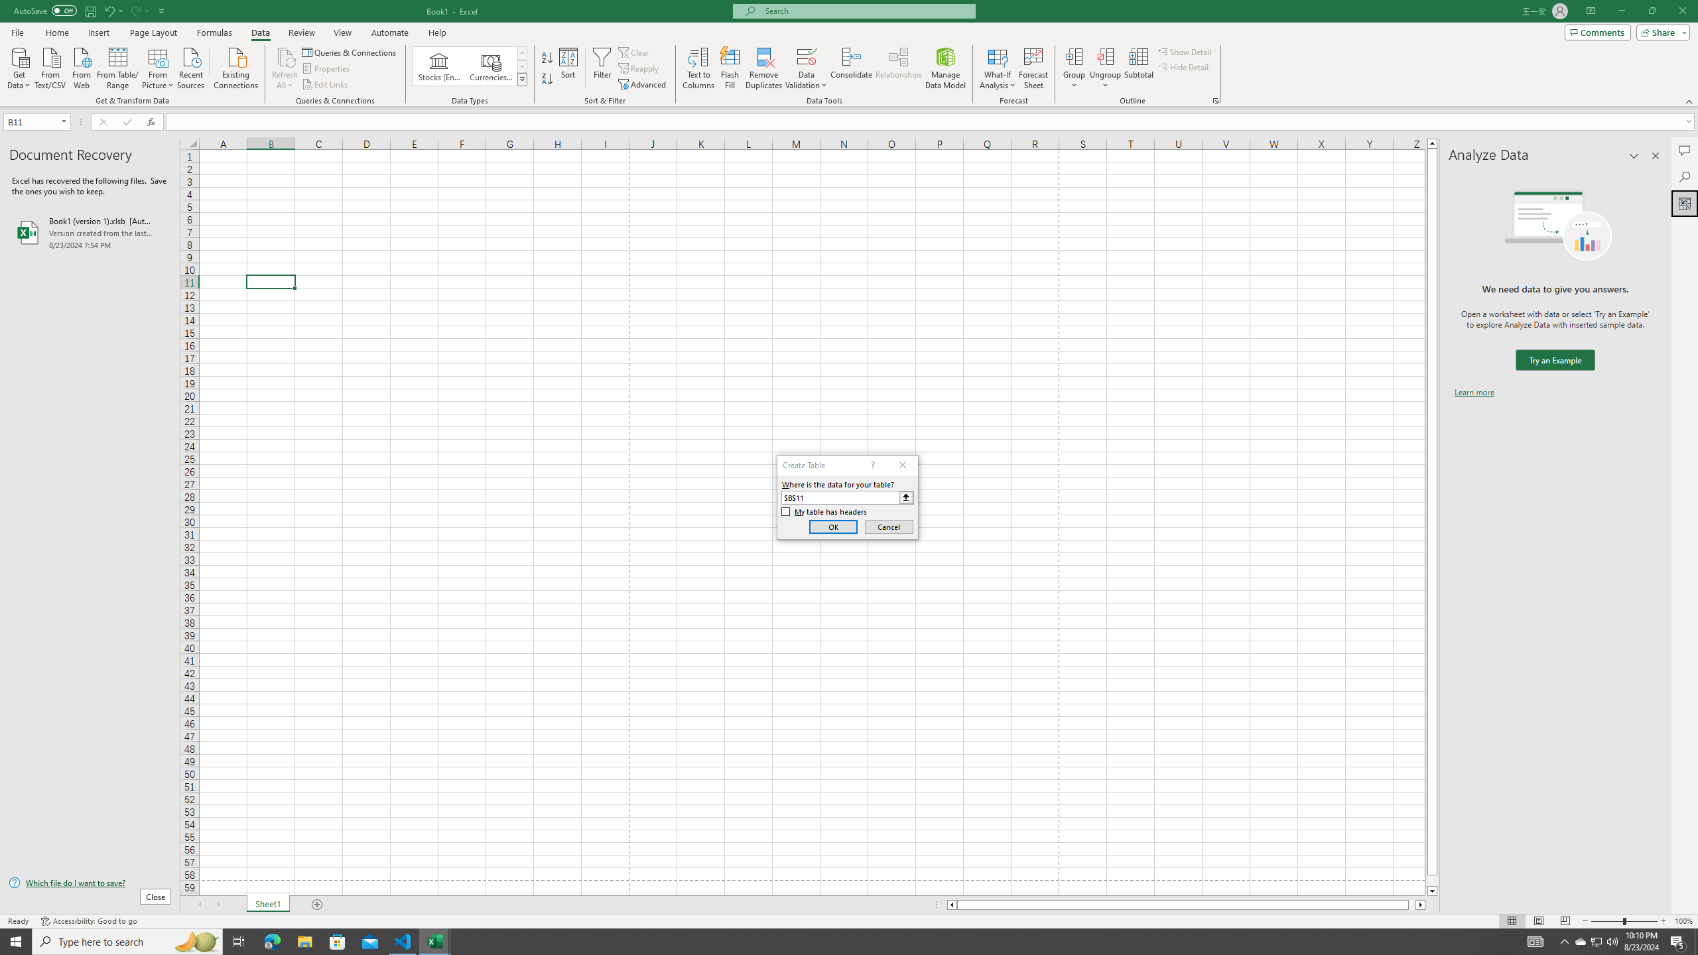 The image size is (1698, 955). What do you see at coordinates (327, 68) in the screenshot?
I see `'Properties'` at bounding box center [327, 68].